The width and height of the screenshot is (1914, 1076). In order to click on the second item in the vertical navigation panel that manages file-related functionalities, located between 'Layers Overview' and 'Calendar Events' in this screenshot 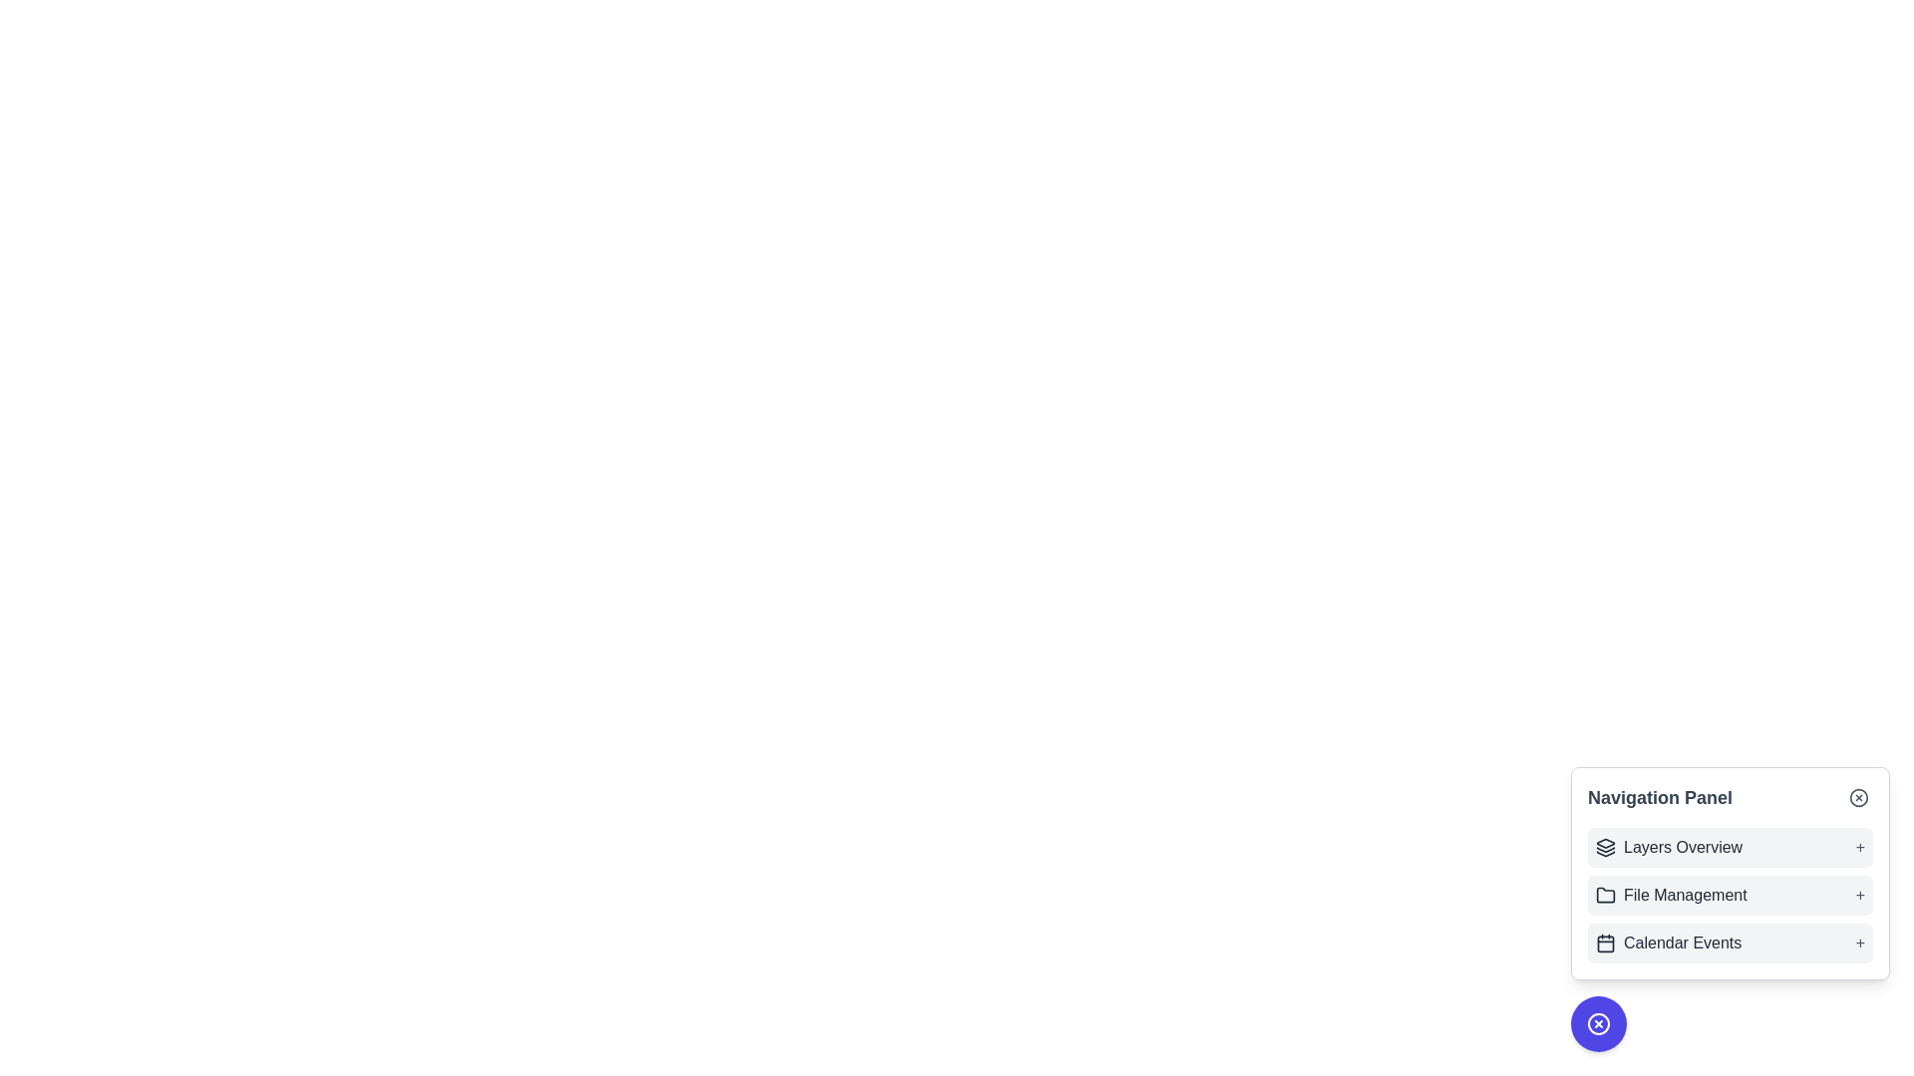, I will do `click(1730, 894)`.